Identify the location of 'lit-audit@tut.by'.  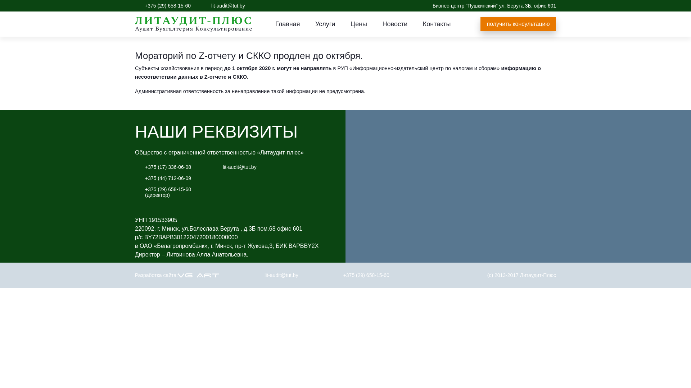
(227, 5).